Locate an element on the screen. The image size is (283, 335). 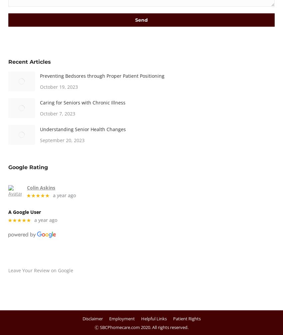
'Colin Askins' is located at coordinates (40, 187).